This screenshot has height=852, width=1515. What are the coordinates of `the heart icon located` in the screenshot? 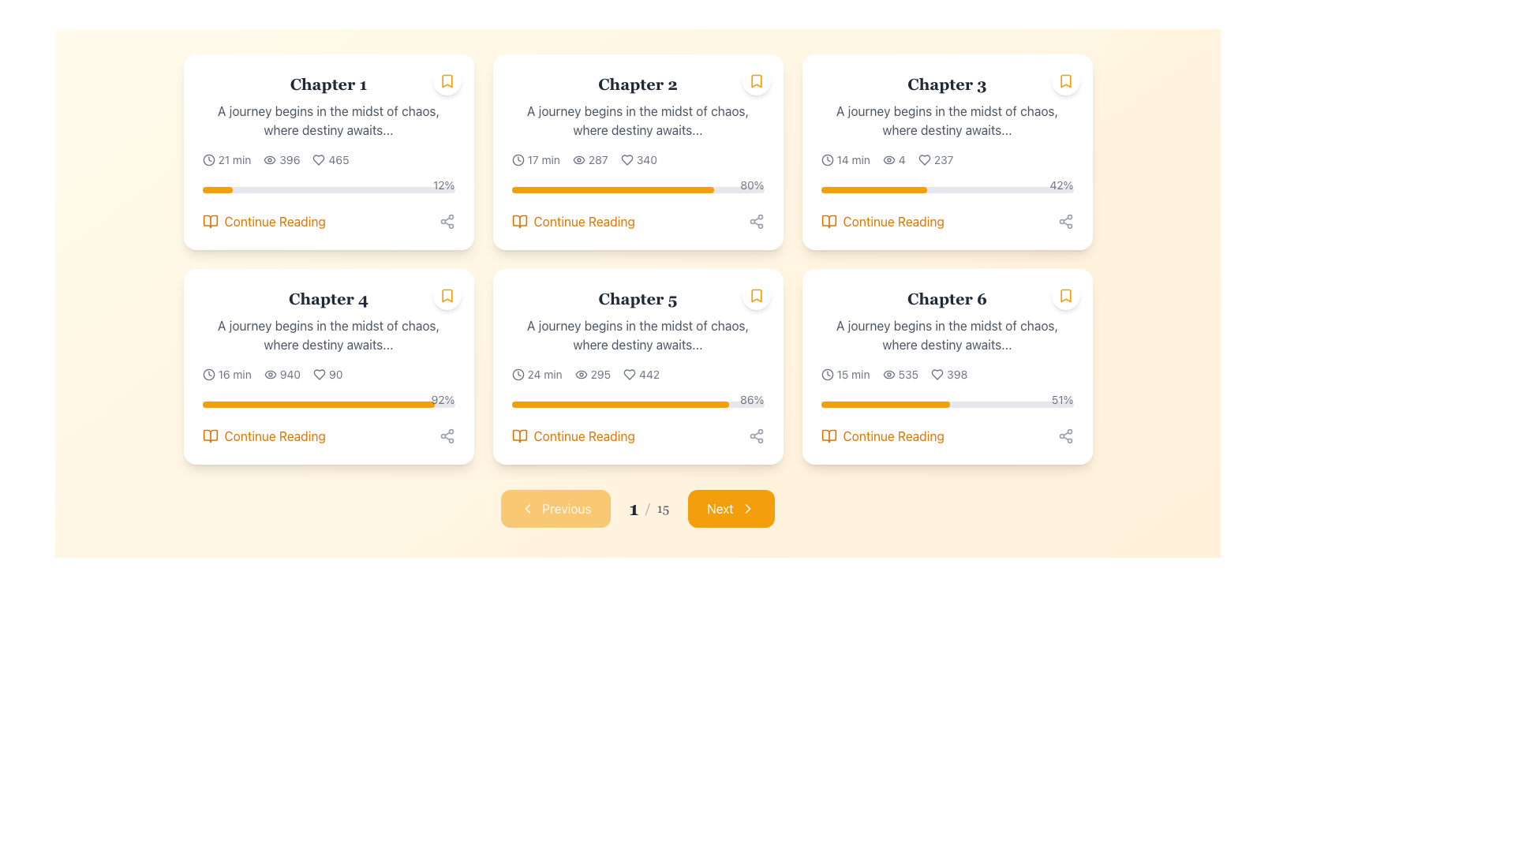 It's located at (937, 374).